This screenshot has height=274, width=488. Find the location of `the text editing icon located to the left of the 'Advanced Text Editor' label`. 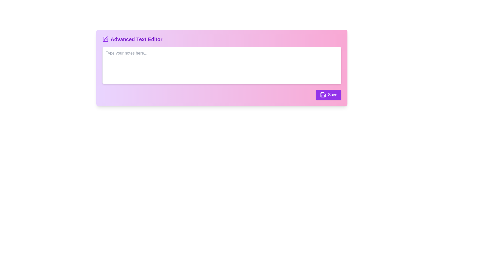

the text editing icon located to the left of the 'Advanced Text Editor' label is located at coordinates (105, 39).